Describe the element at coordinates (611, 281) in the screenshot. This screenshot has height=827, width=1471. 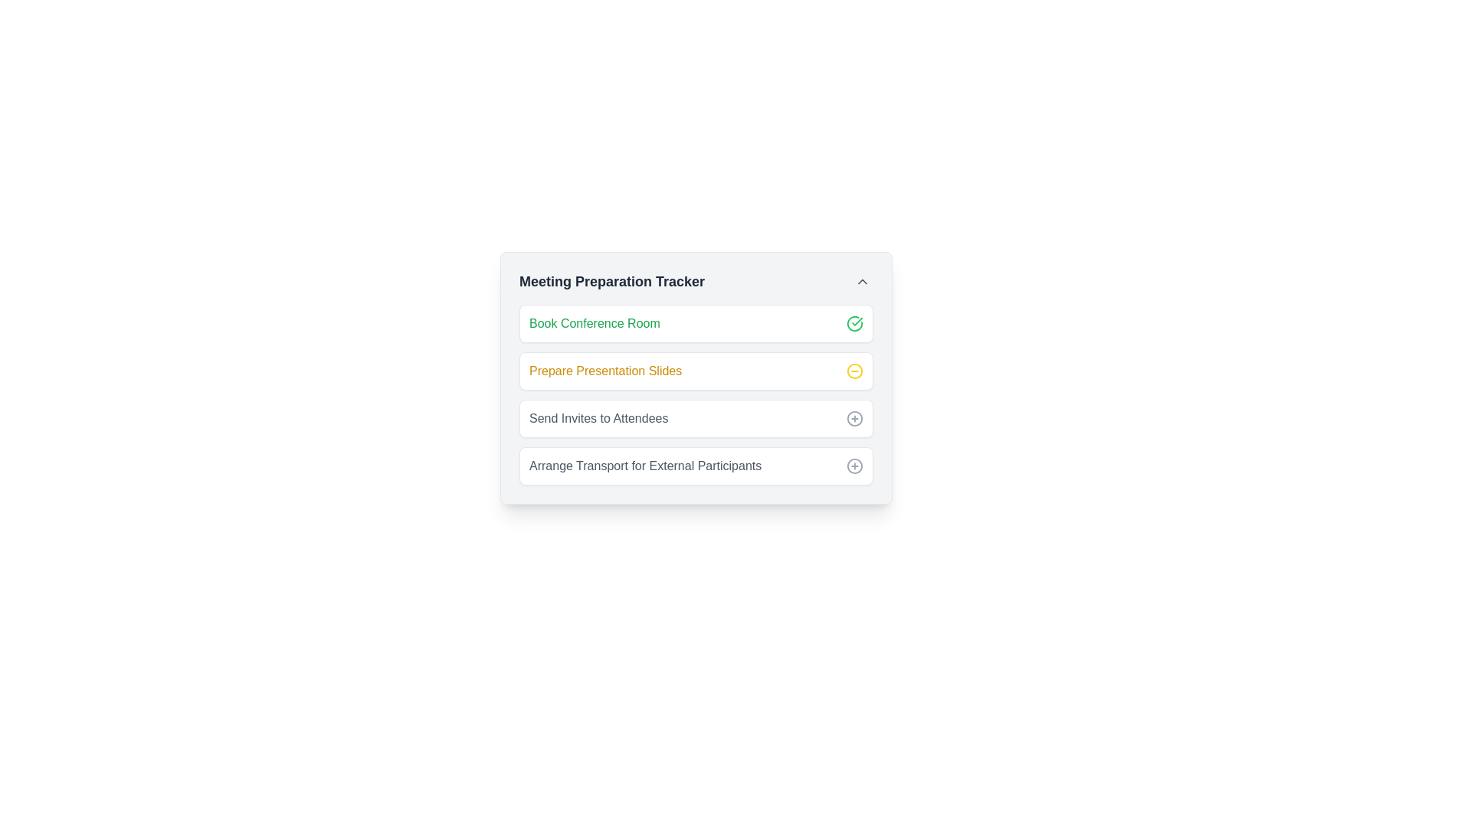
I see `title text element labeled 'Meeting Preparation Tracker', which is styled in bold, larger font, and dark gray color, located at the top of the checklist interface` at that location.